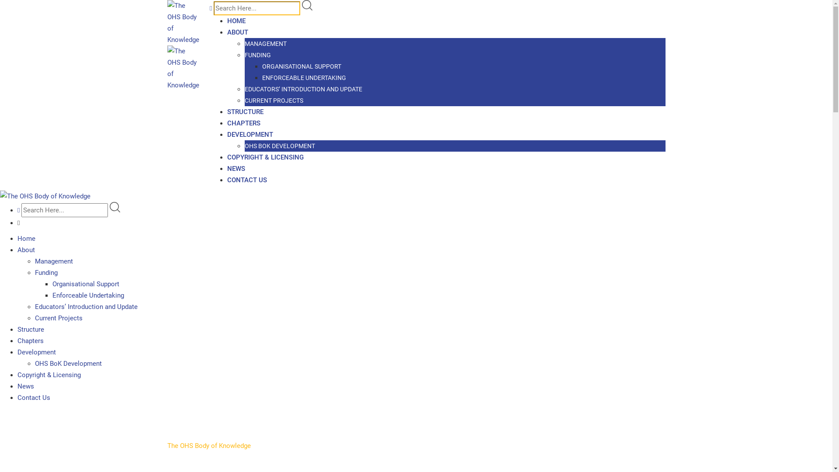  What do you see at coordinates (274, 100) in the screenshot?
I see `'CURRENT PROJECTS'` at bounding box center [274, 100].